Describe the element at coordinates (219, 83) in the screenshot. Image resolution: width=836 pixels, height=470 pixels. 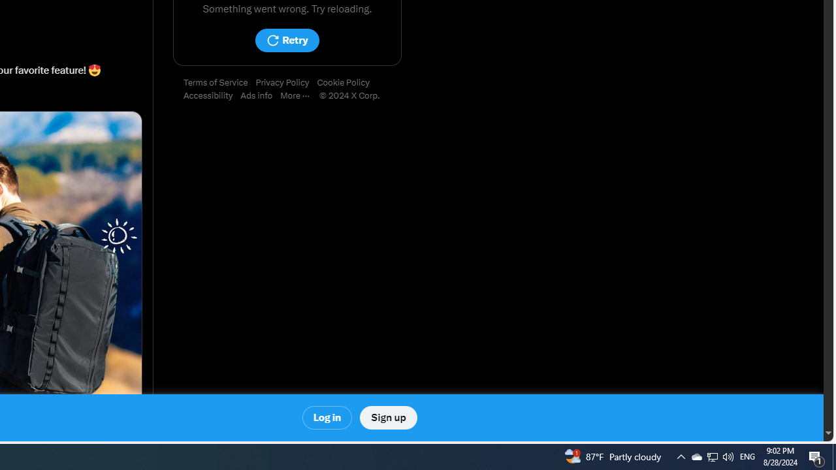
I see `'Terms of Service'` at that location.